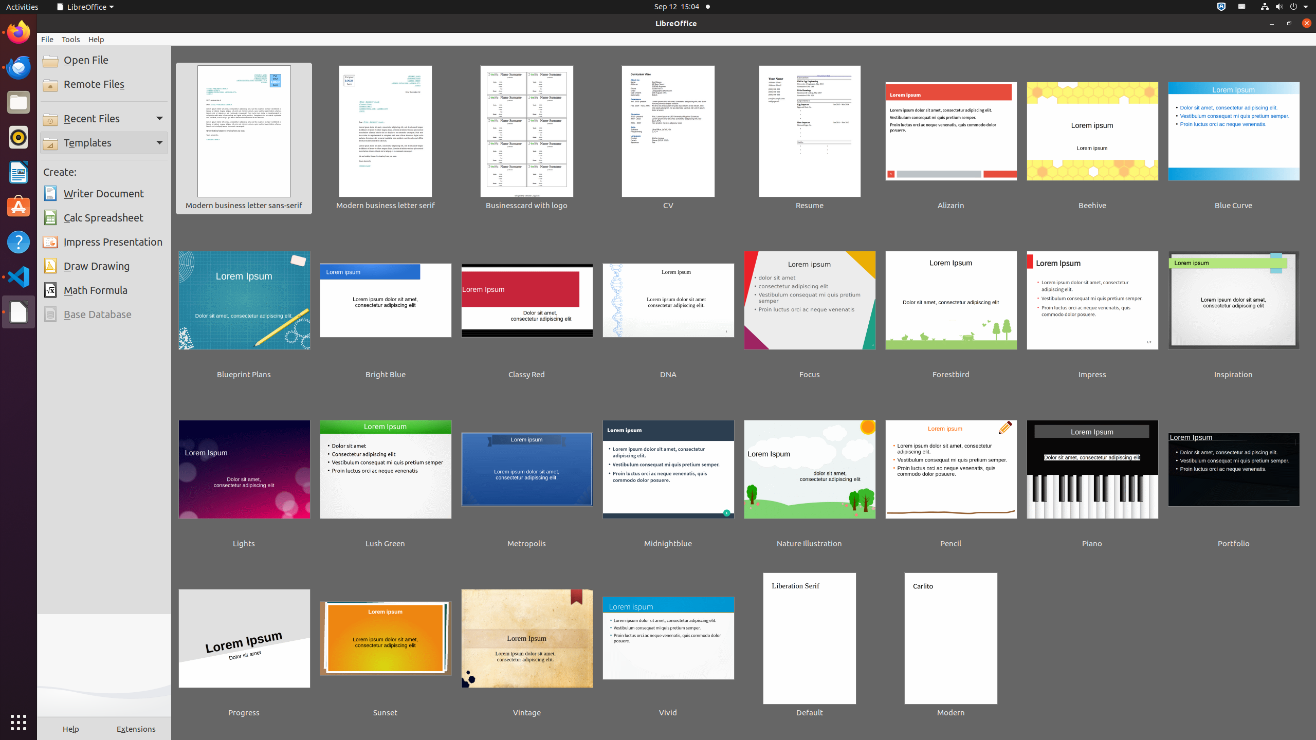  What do you see at coordinates (1092, 476) in the screenshot?
I see `'Piano'` at bounding box center [1092, 476].